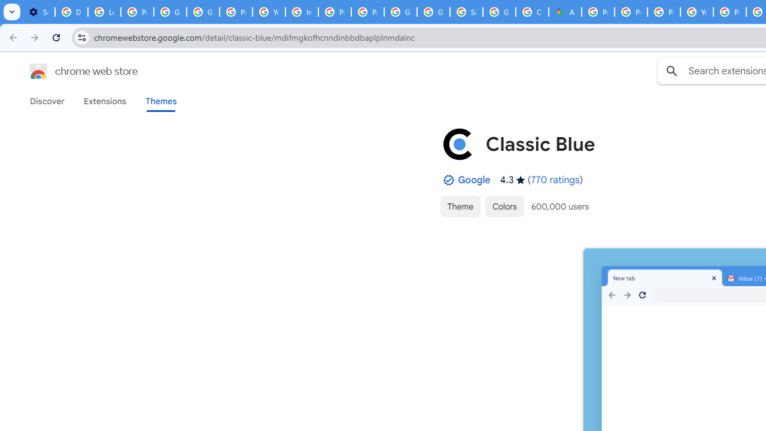  What do you see at coordinates (268, 12) in the screenshot?
I see `'YouTube'` at bounding box center [268, 12].